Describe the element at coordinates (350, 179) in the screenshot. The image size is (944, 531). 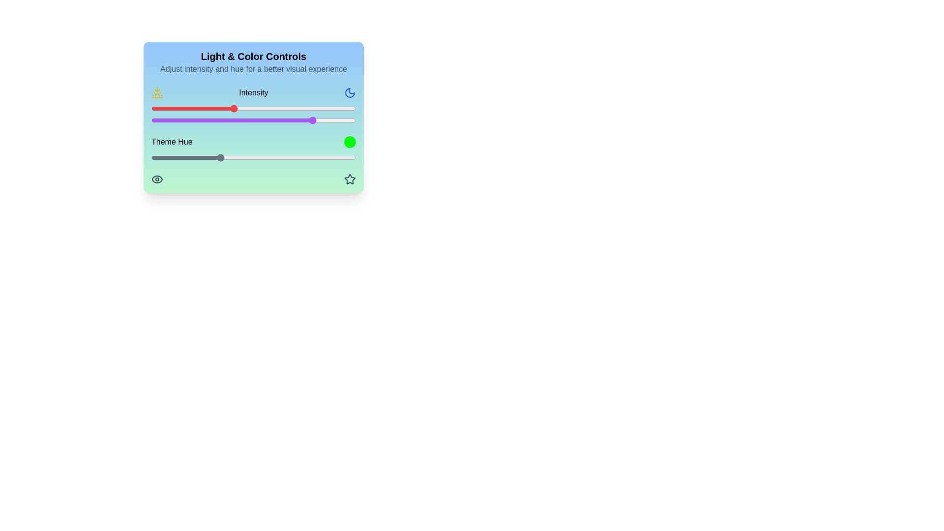
I see `the star icon button located in the bottom-right corner of the 'Light & Color Controls' card` at that location.